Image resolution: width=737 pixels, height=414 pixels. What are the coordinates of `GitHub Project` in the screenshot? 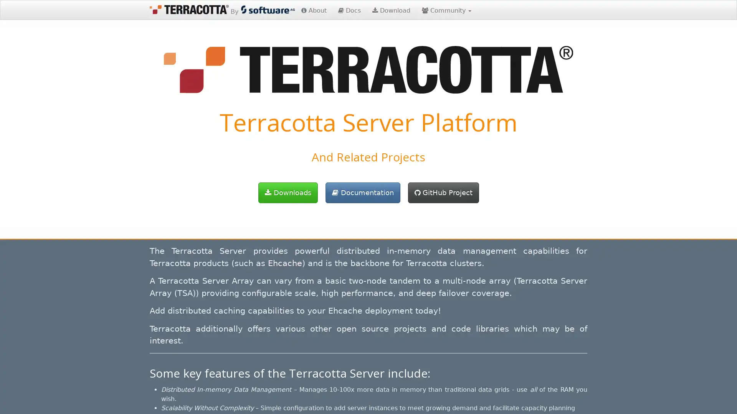 It's located at (443, 192).